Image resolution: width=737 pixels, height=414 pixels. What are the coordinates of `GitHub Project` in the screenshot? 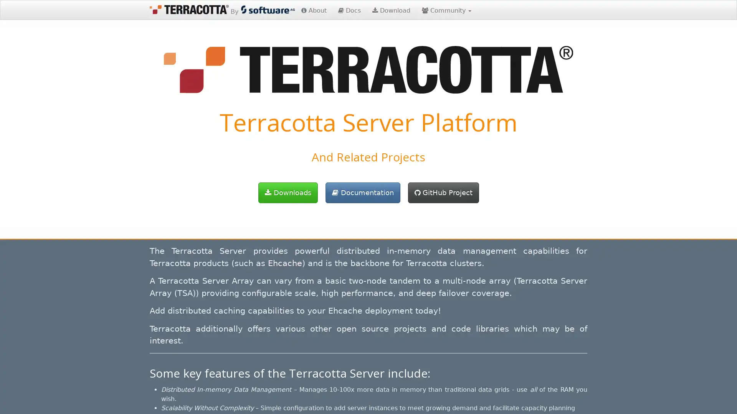 It's located at (443, 192).